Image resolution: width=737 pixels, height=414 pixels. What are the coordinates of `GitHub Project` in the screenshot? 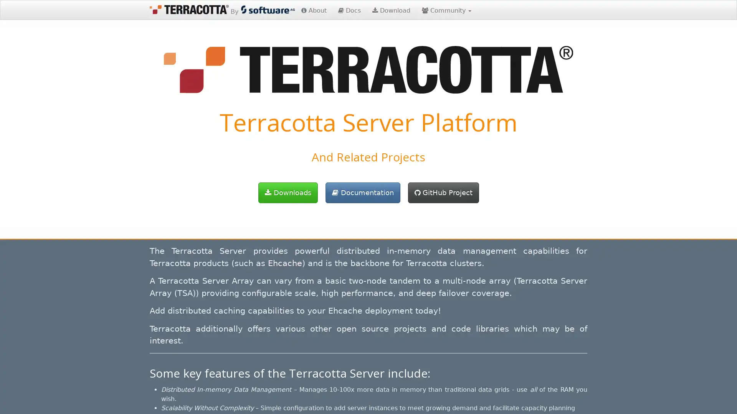 It's located at (443, 192).